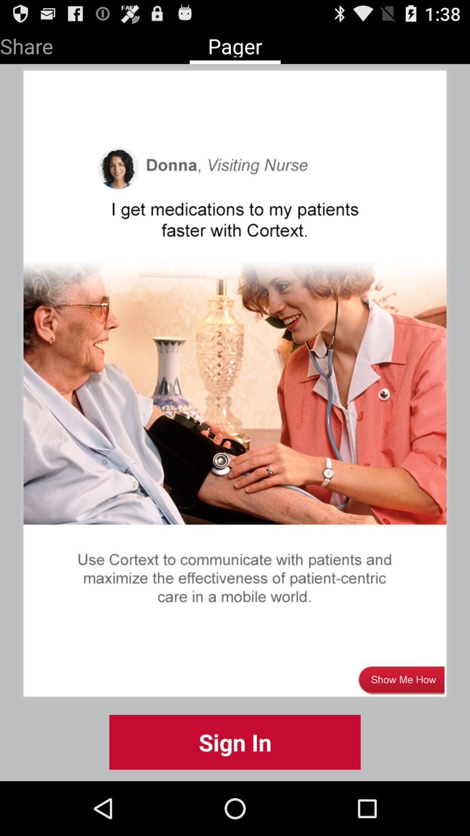  I want to click on the sign in item, so click(235, 742).